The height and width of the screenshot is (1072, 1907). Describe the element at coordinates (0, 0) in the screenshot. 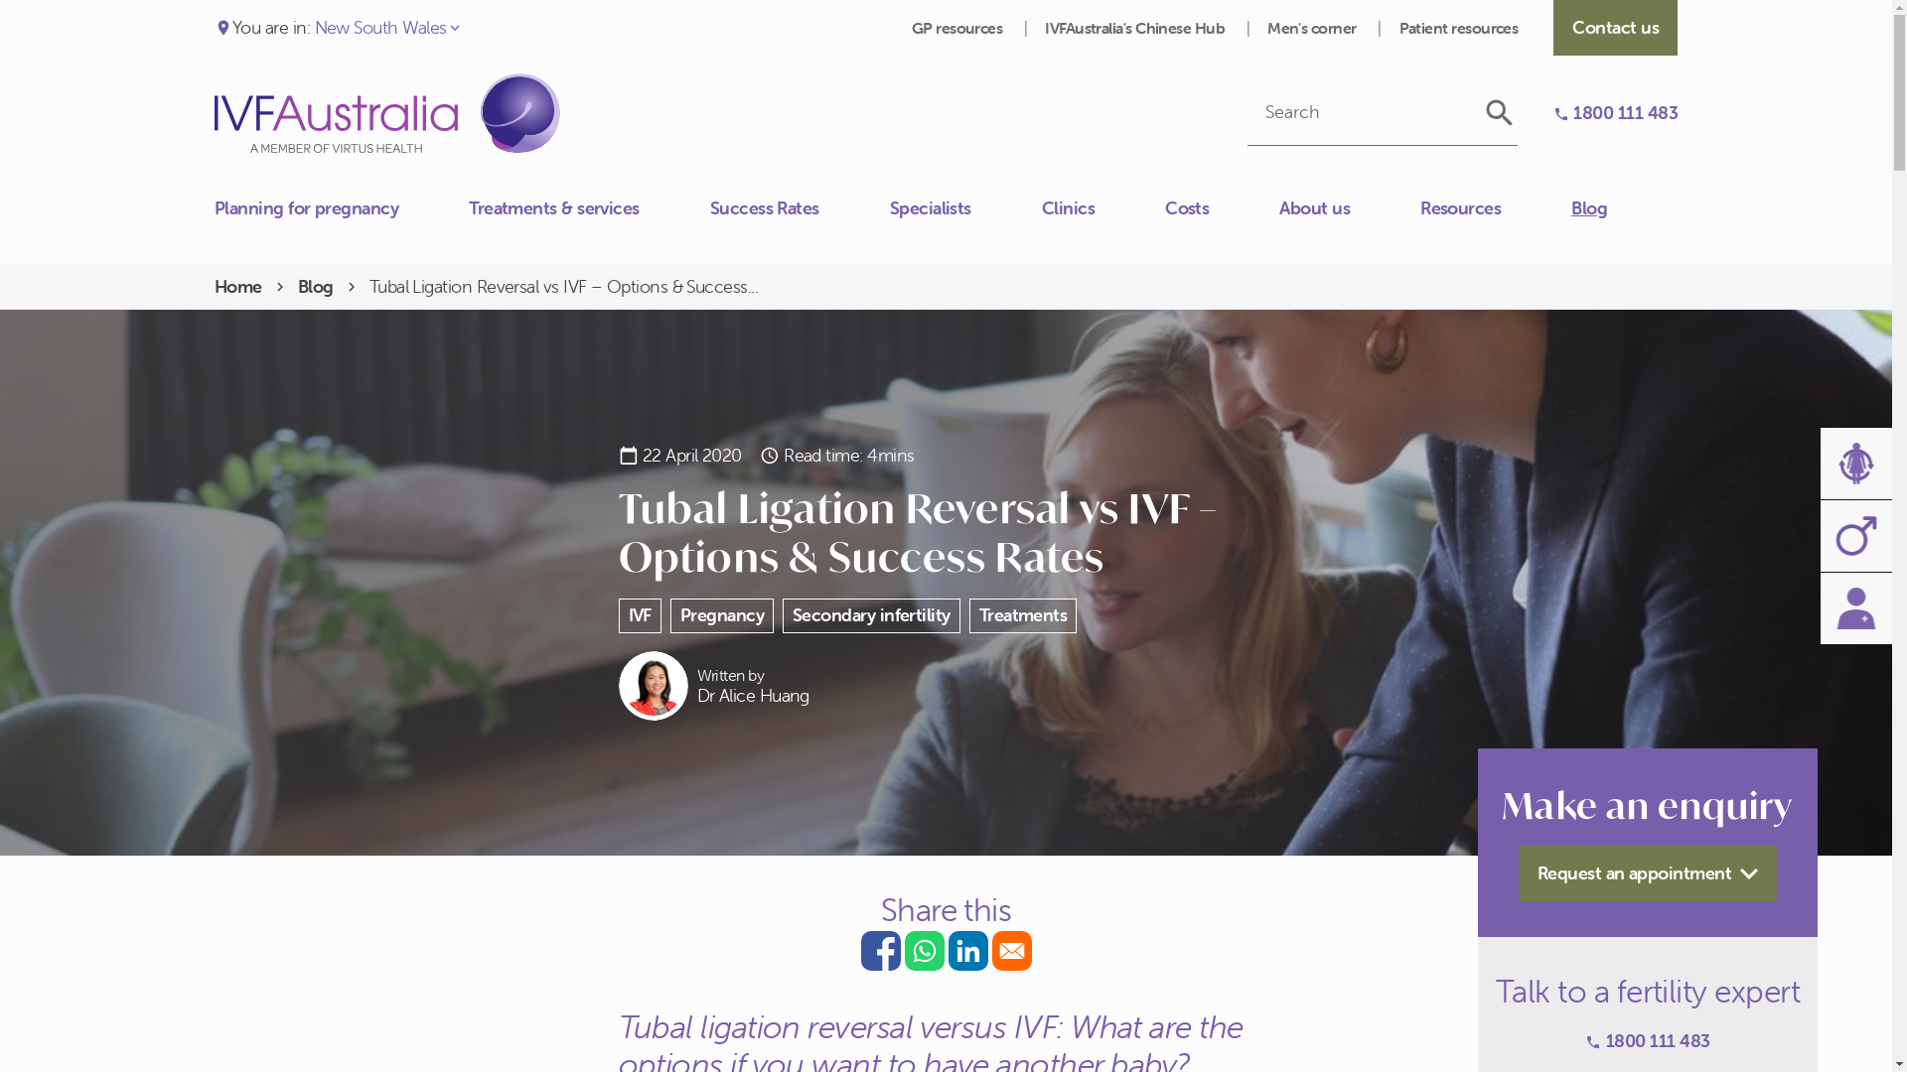

I see `'Skip to main content'` at that location.